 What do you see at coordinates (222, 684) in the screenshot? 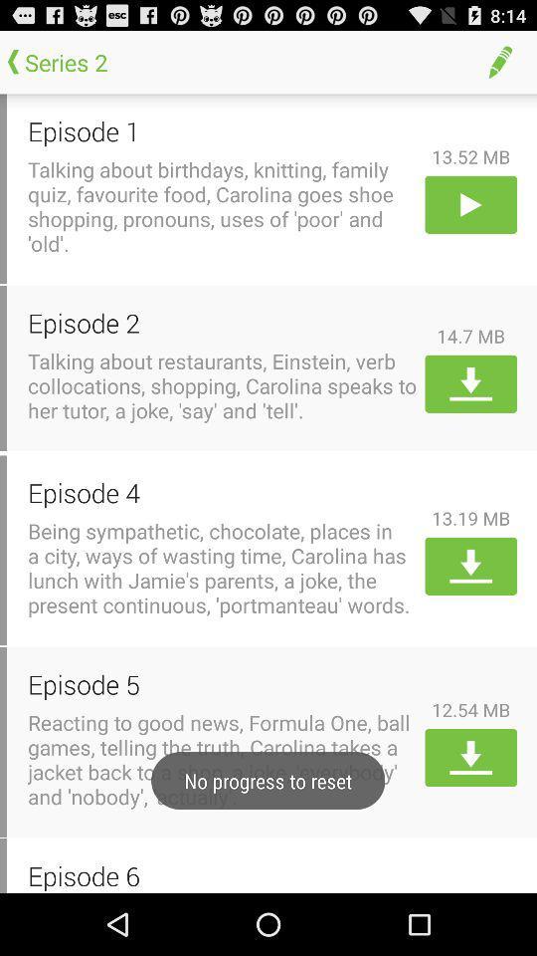
I see `item next to the 12.54 mb icon` at bounding box center [222, 684].